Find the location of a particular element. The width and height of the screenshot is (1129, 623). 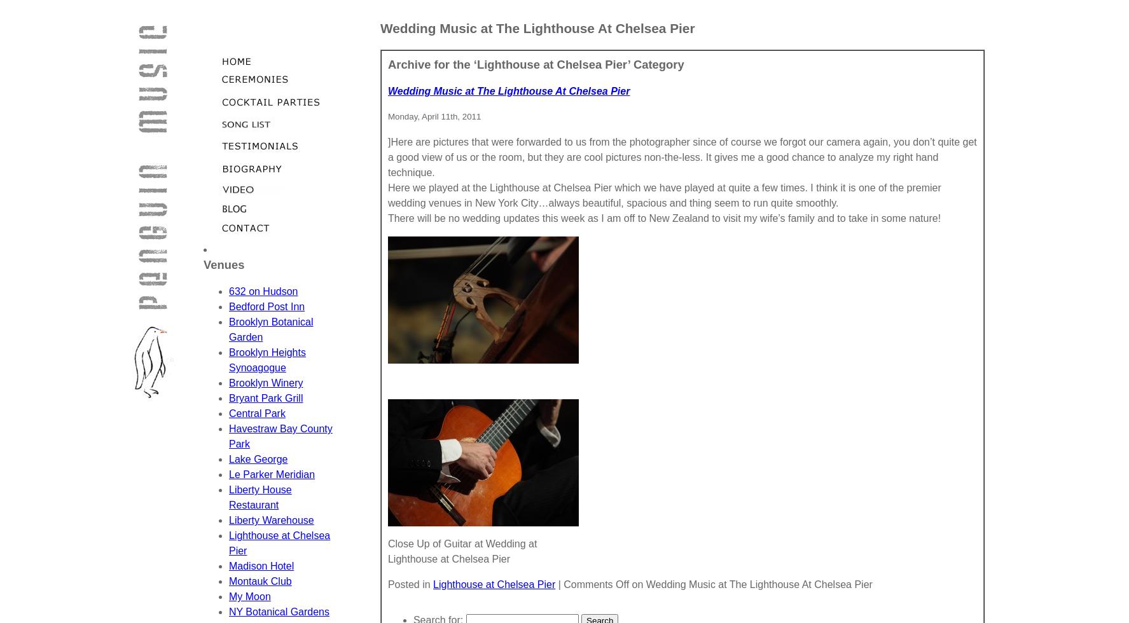

'Lake George' is located at coordinates (258, 459).